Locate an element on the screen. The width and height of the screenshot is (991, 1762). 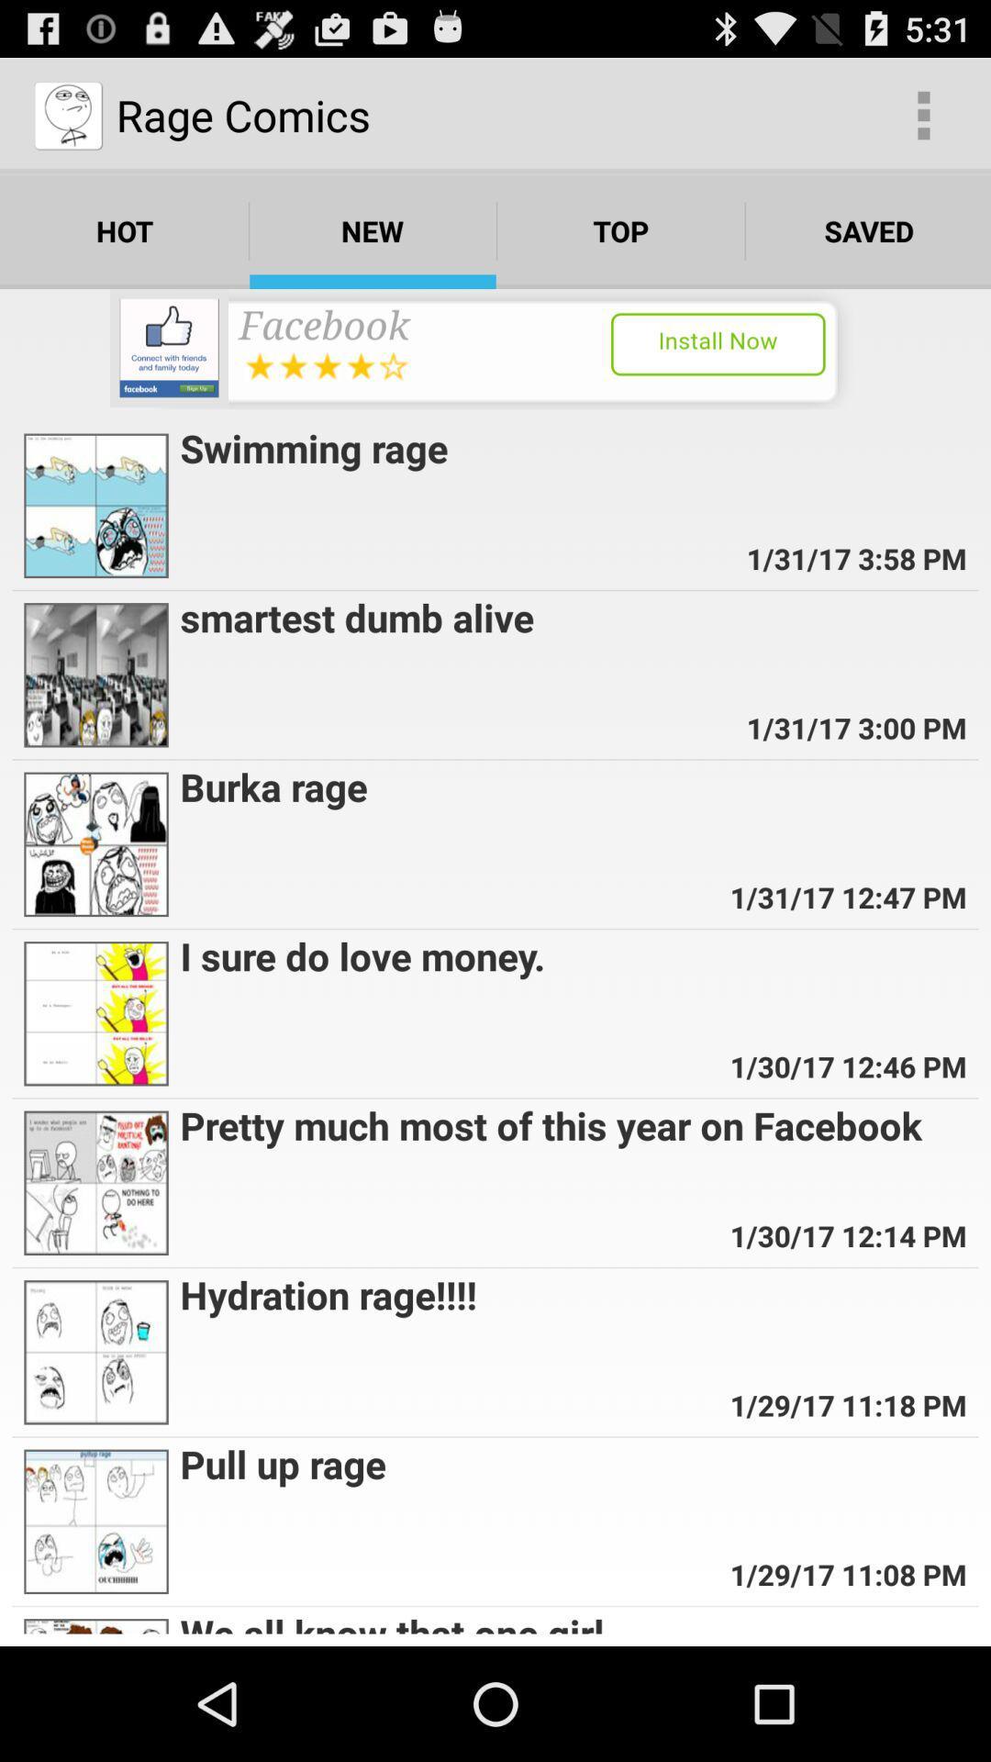
advertisement is located at coordinates (495, 349).